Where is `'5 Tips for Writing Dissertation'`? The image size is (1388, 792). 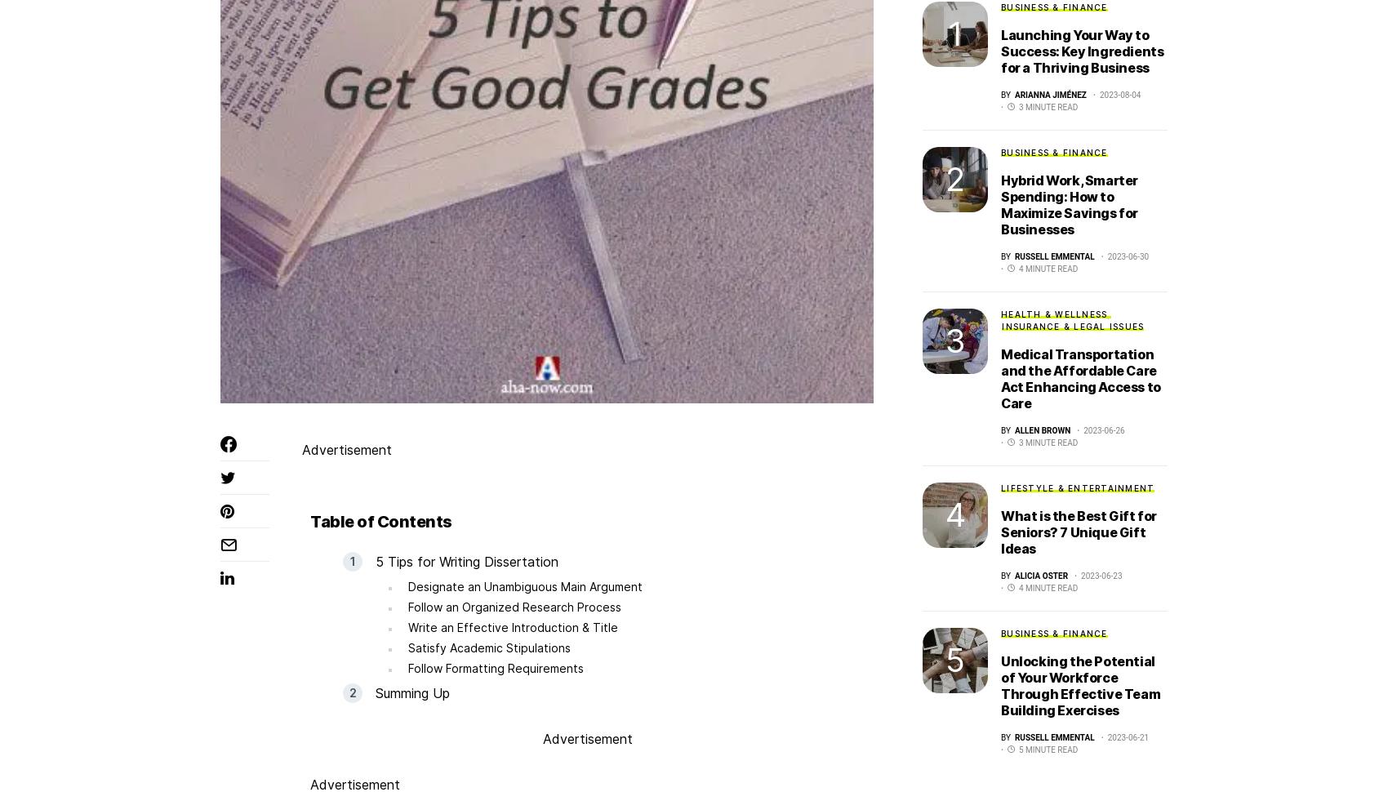
'5 Tips for Writing Dissertation' is located at coordinates (466, 562).